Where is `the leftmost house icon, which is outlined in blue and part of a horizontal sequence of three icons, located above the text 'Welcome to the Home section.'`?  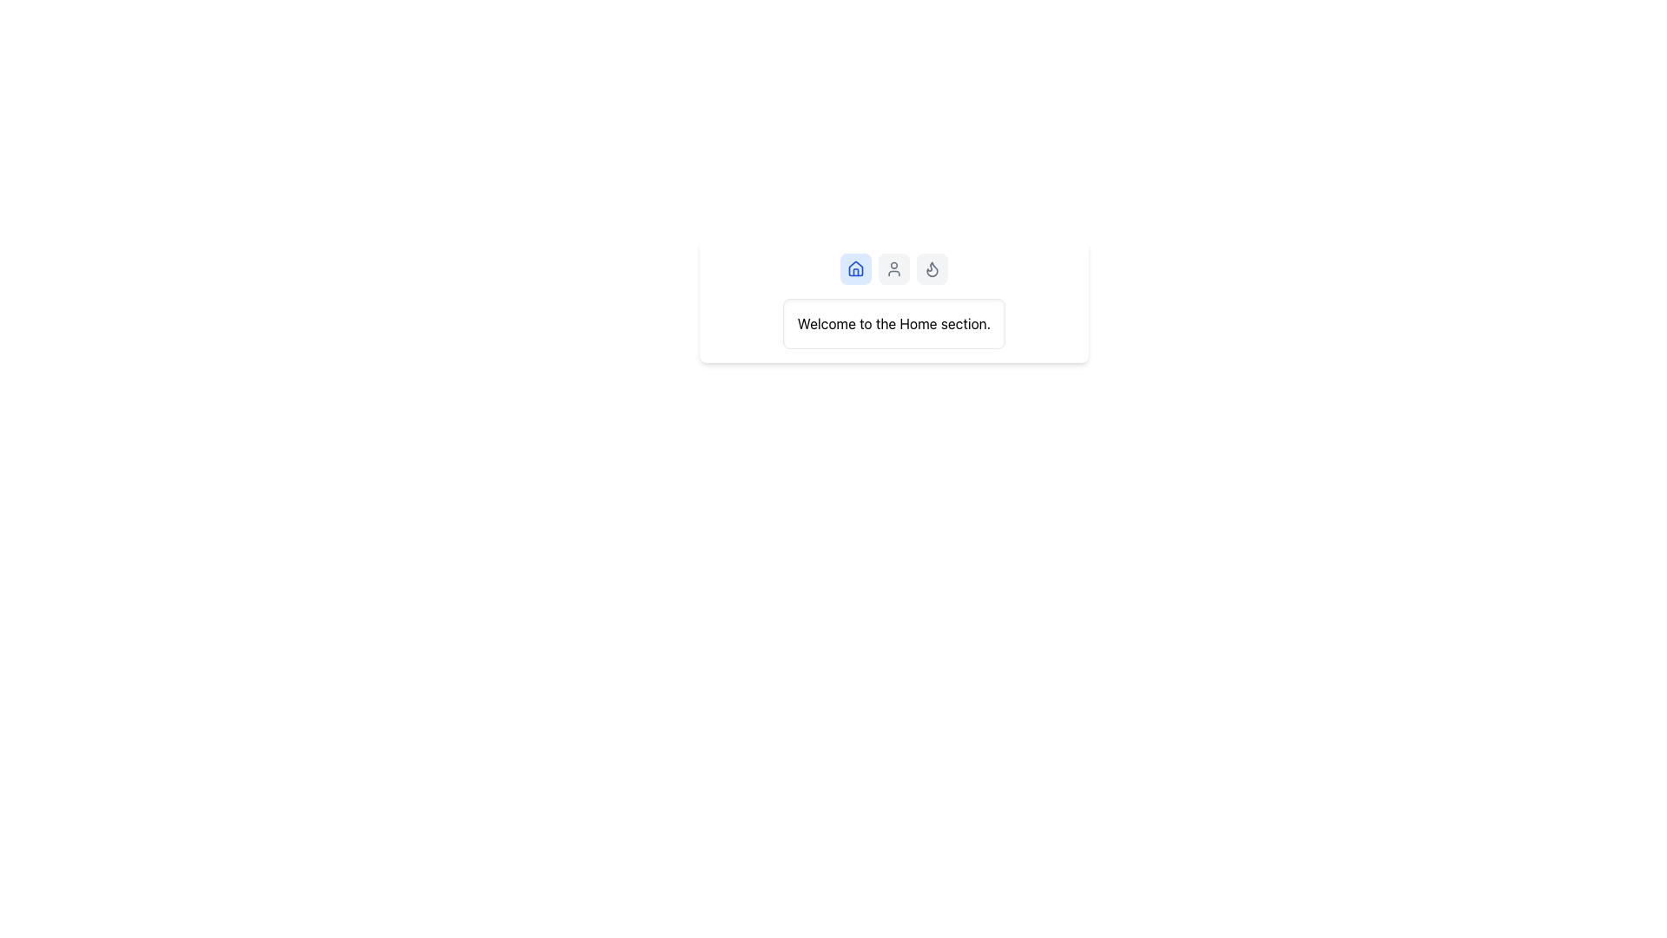 the leftmost house icon, which is outlined in blue and part of a horizontal sequence of three icons, located above the text 'Welcome to the Home section.' is located at coordinates (855, 268).